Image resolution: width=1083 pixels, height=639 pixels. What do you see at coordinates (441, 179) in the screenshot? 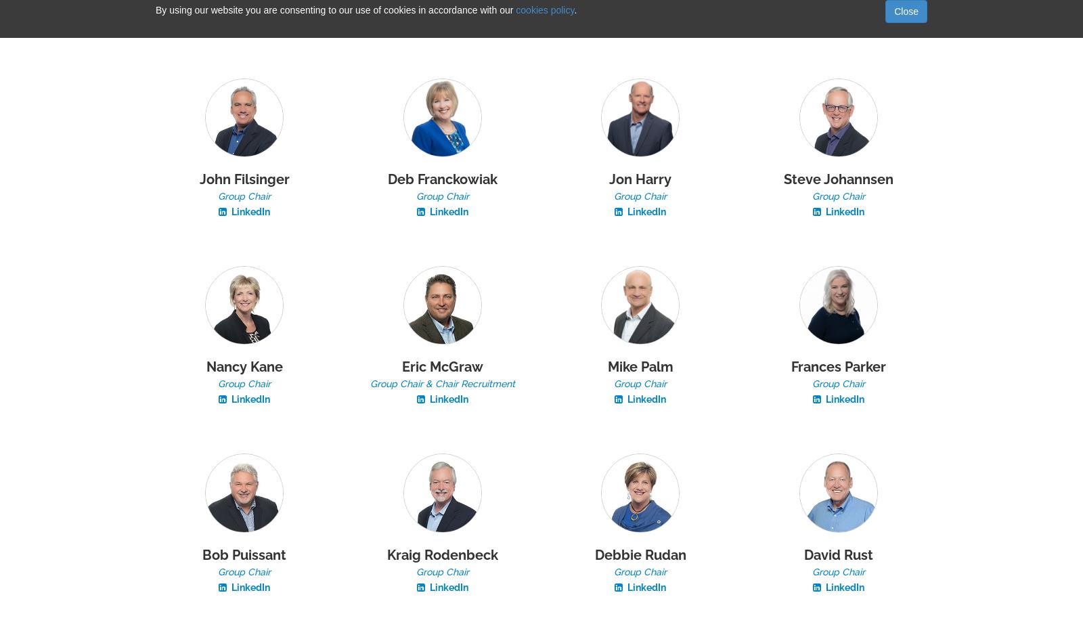
I see `'Deb Franckowiak'` at bounding box center [441, 179].